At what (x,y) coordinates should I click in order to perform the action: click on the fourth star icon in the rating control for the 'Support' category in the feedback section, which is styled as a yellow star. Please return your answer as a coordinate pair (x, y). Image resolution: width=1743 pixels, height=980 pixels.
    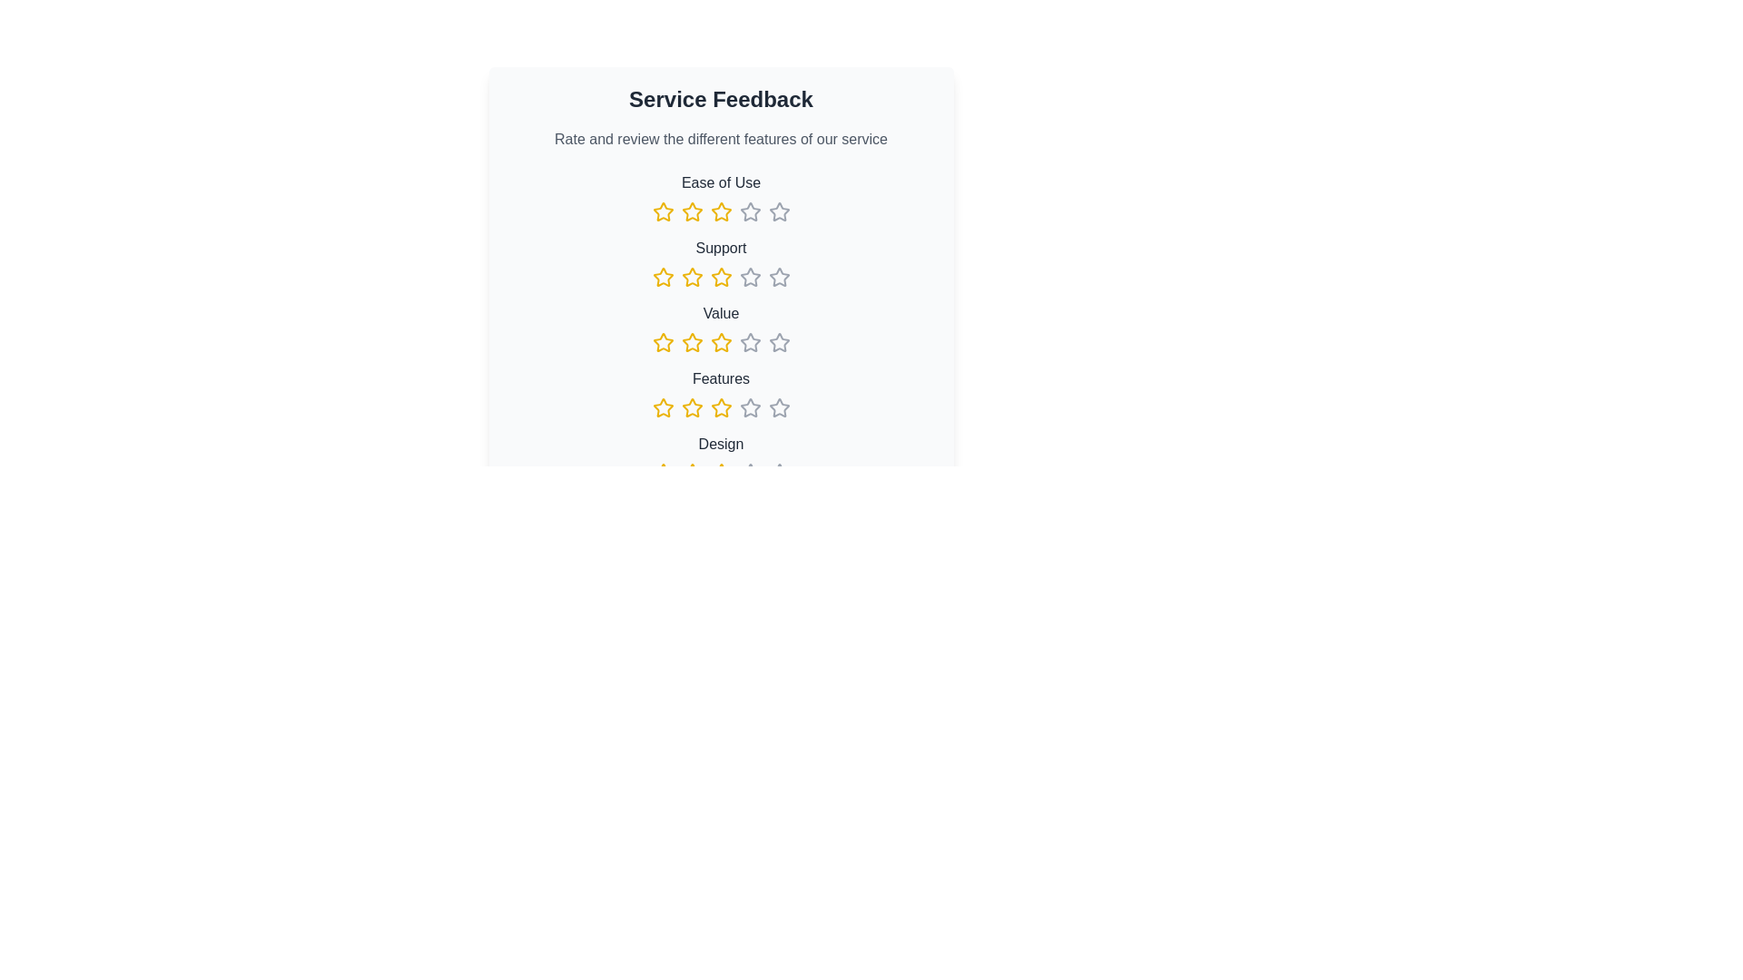
    Looking at the image, I should click on (720, 277).